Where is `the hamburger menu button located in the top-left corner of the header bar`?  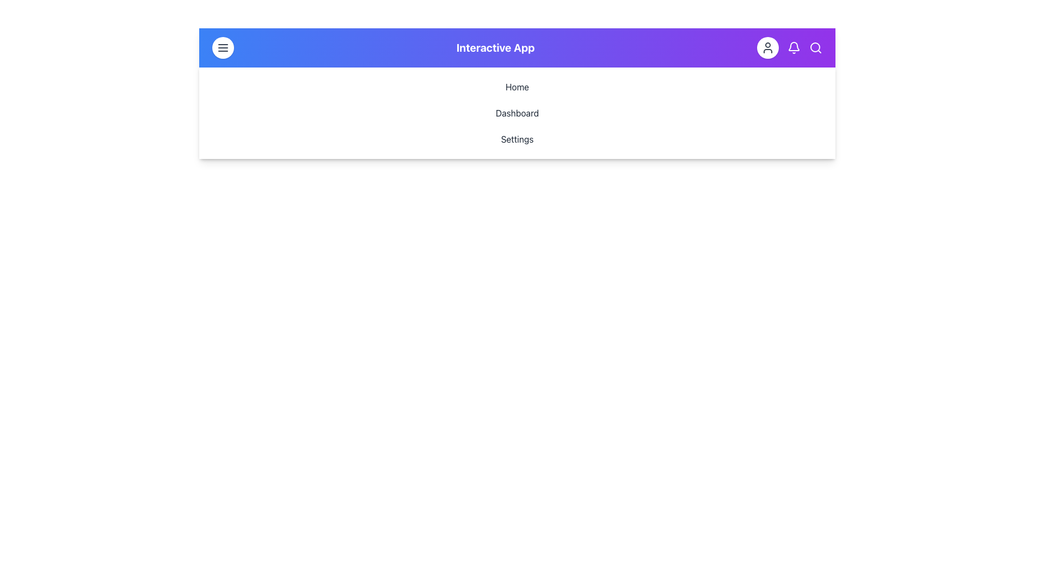
the hamburger menu button located in the top-left corner of the header bar is located at coordinates (222, 47).